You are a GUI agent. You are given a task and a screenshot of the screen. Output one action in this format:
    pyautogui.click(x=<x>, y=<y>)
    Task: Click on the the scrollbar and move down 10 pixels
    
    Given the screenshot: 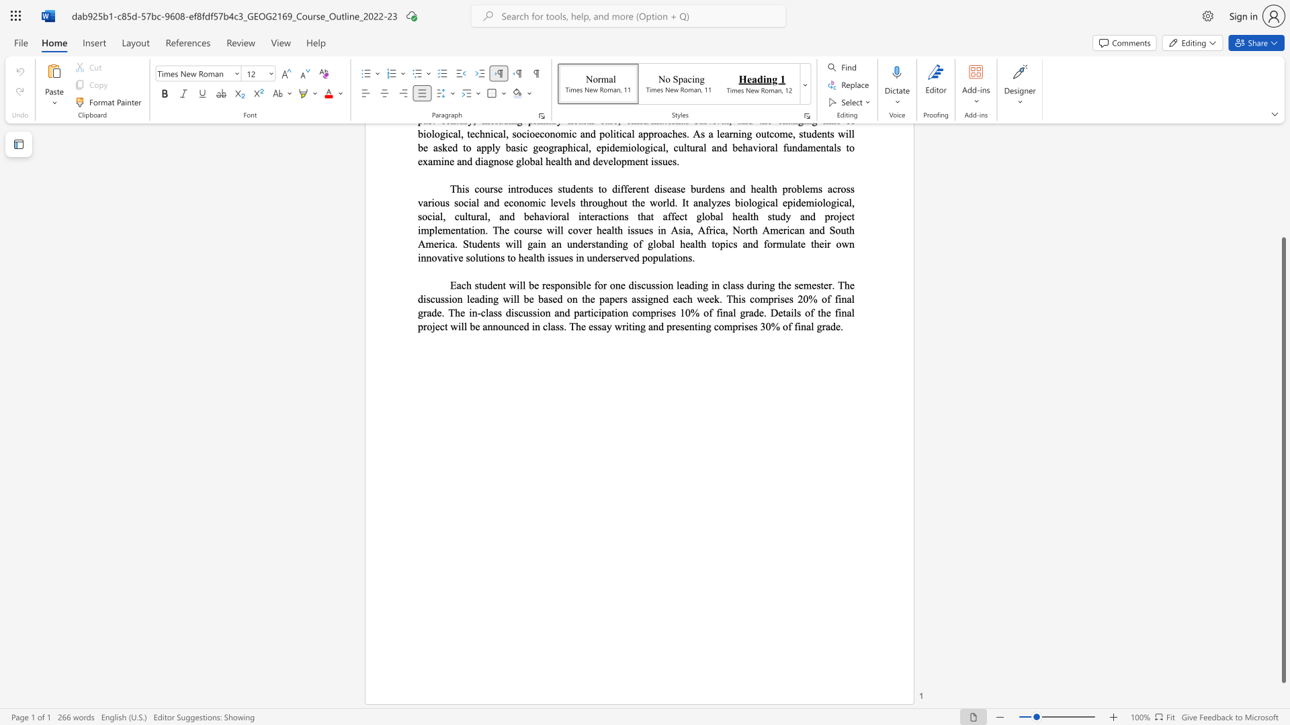 What is the action you would take?
    pyautogui.click(x=1283, y=459)
    